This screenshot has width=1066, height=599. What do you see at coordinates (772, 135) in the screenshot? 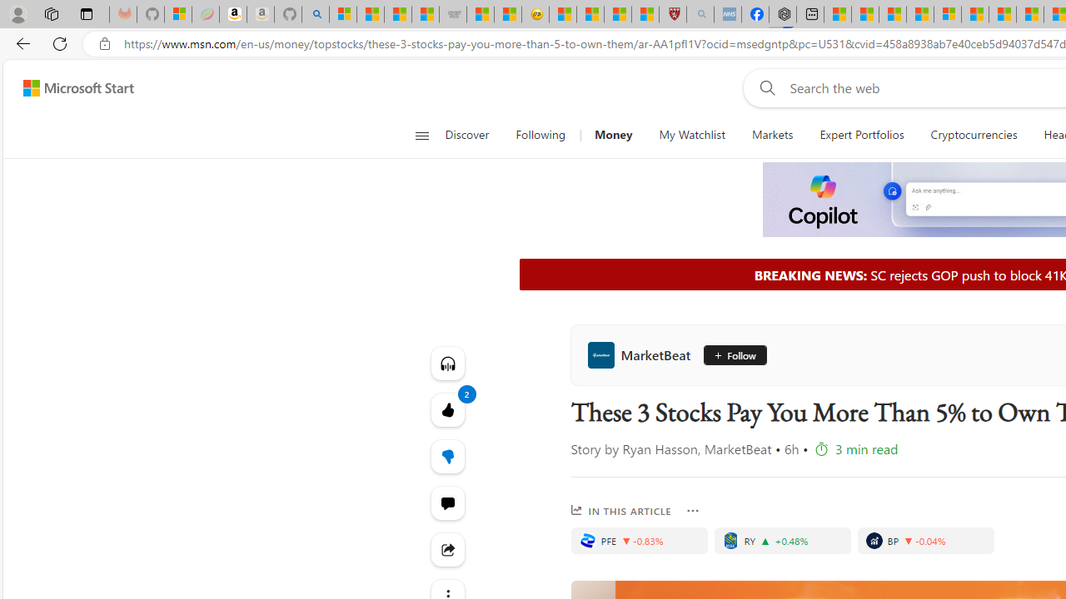
I see `'Markets'` at bounding box center [772, 135].